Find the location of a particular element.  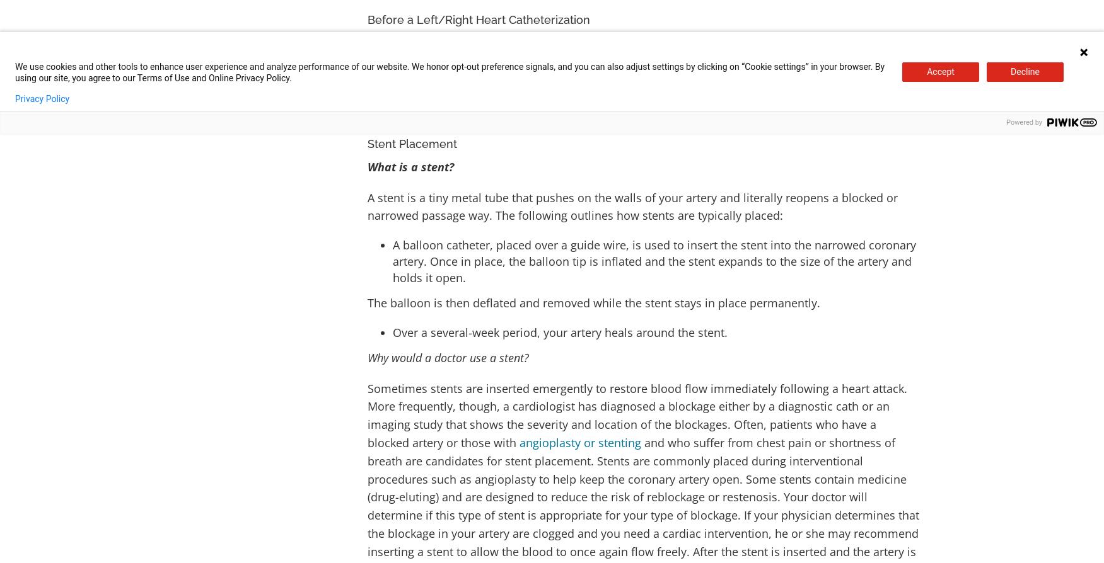

'angioplasty or stenting' is located at coordinates (579, 441).